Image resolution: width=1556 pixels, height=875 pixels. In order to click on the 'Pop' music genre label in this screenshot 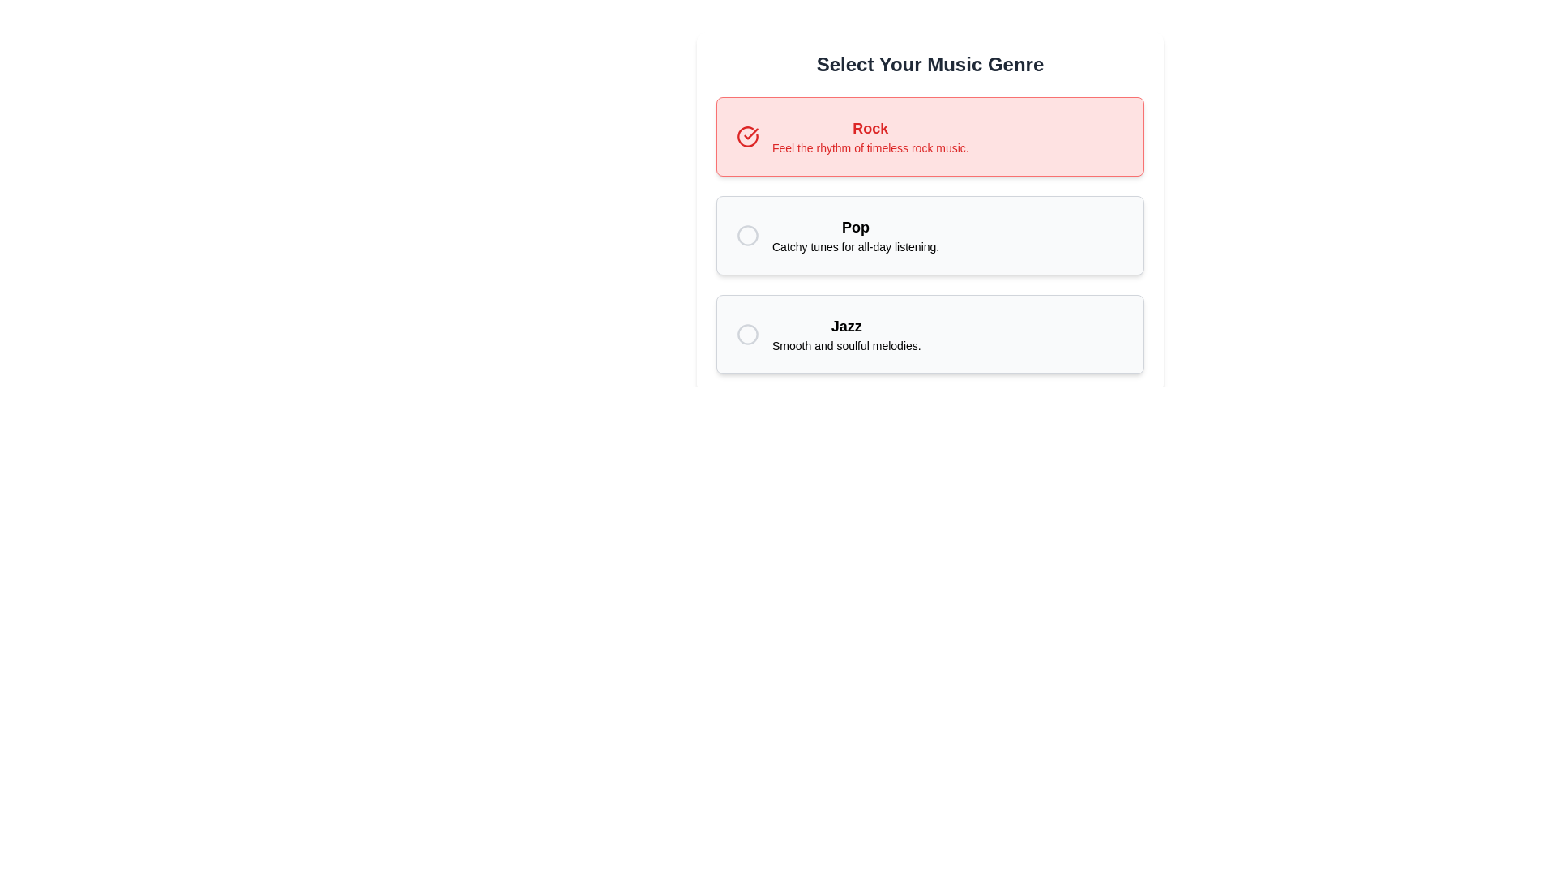, I will do `click(855, 228)`.